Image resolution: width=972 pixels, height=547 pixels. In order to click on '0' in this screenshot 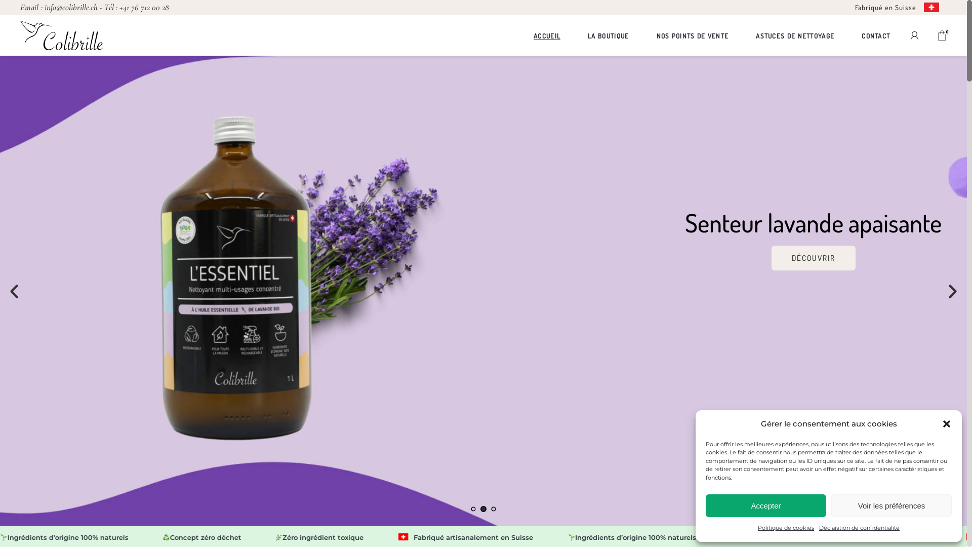, I will do `click(942, 34)`.